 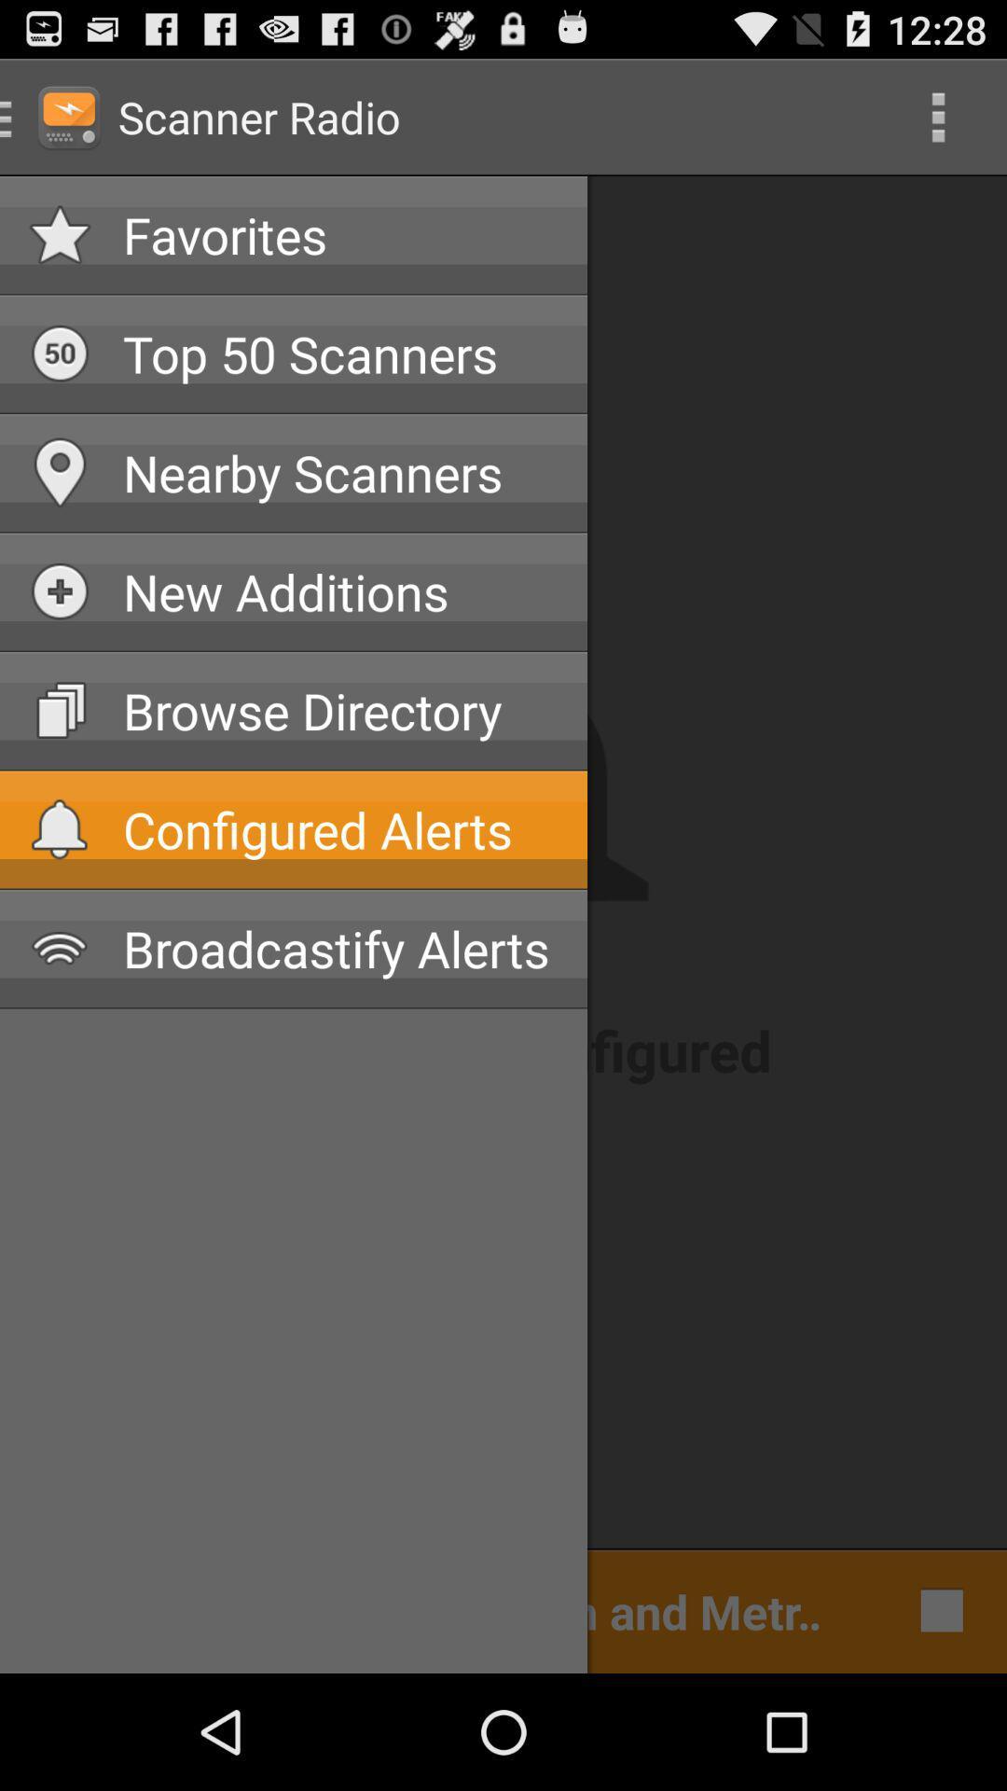 What do you see at coordinates (60, 828) in the screenshot?
I see `the bell icon left to configured alerts` at bounding box center [60, 828].